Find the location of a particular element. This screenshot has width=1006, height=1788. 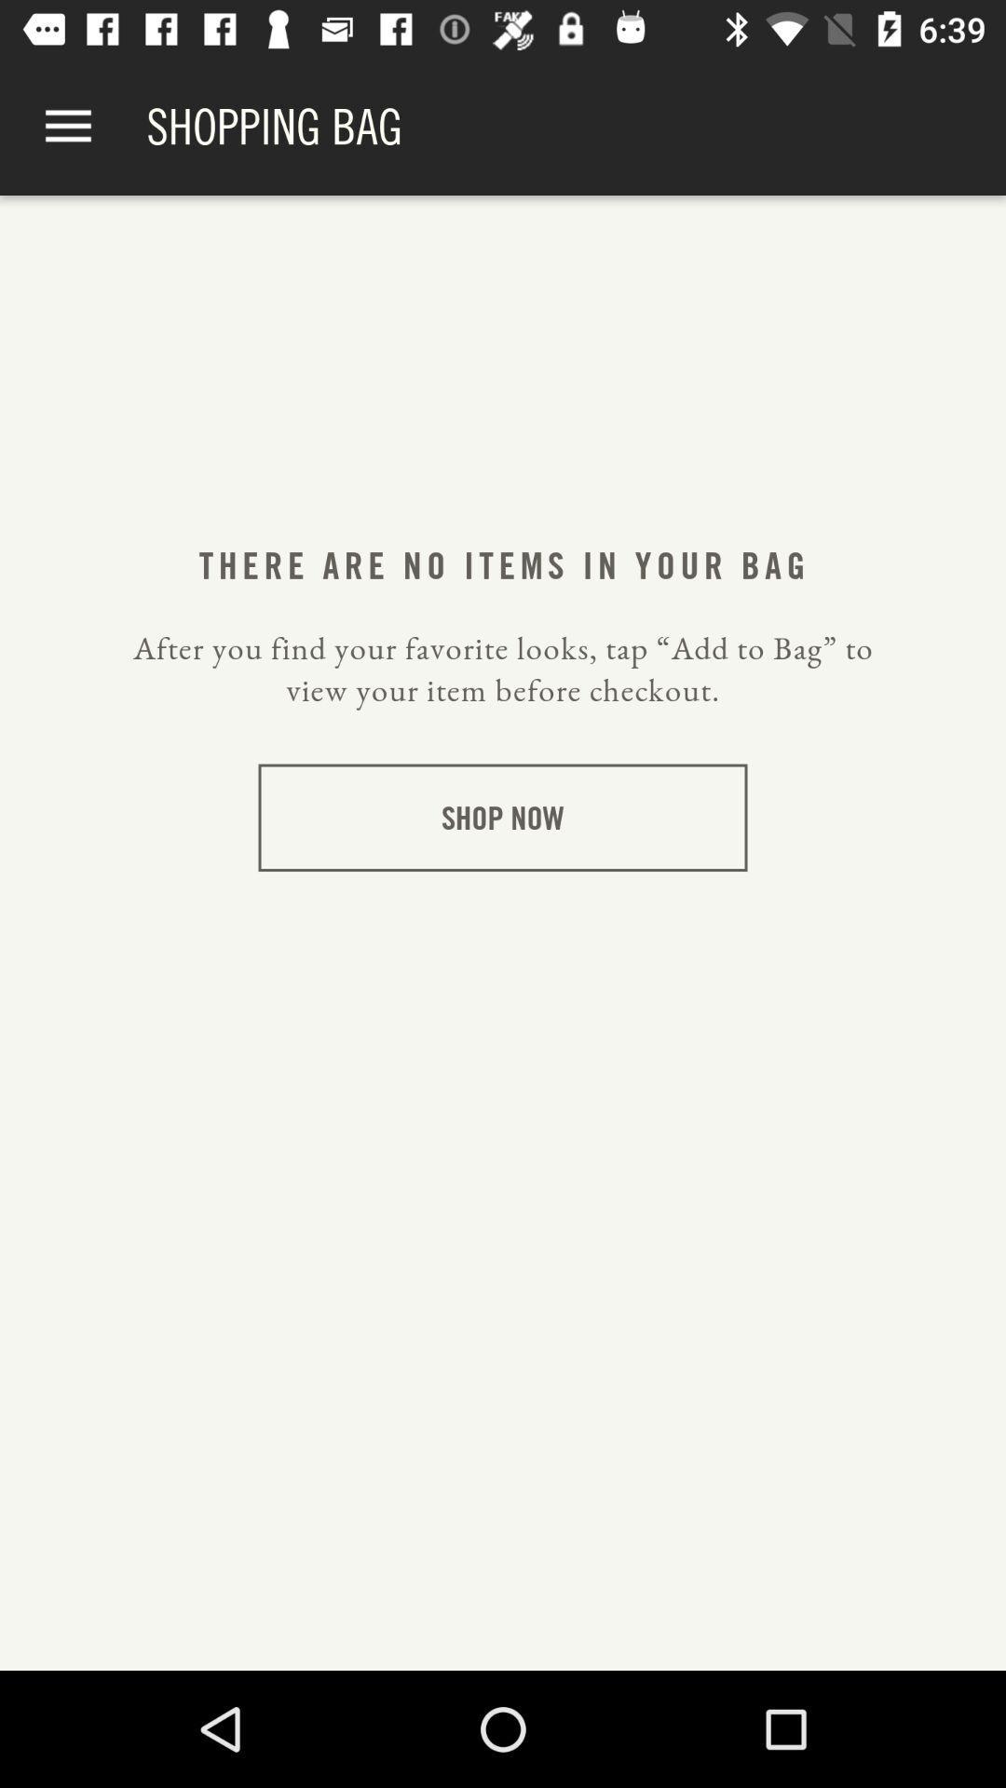

the item above shop now is located at coordinates (503, 669).